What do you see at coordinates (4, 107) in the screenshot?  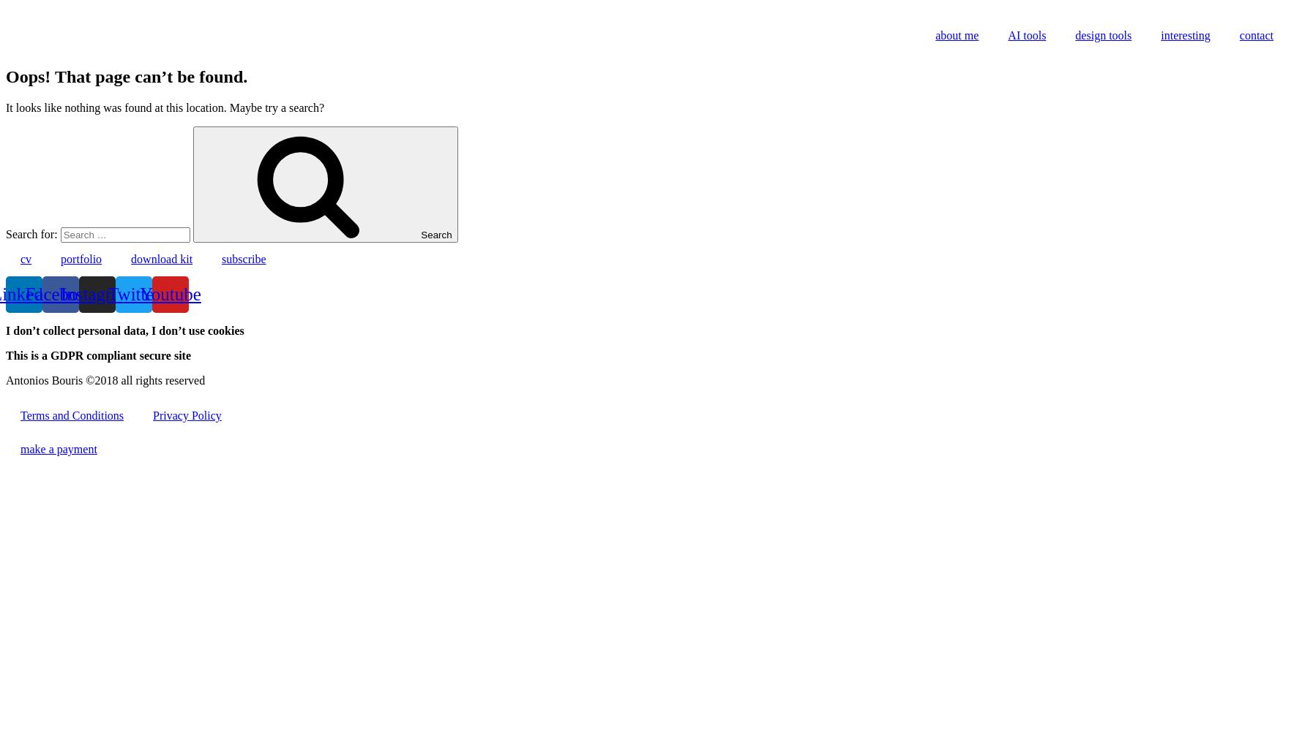 I see `'It looks like nothing was found at this location. Maybe try a search?'` at bounding box center [4, 107].